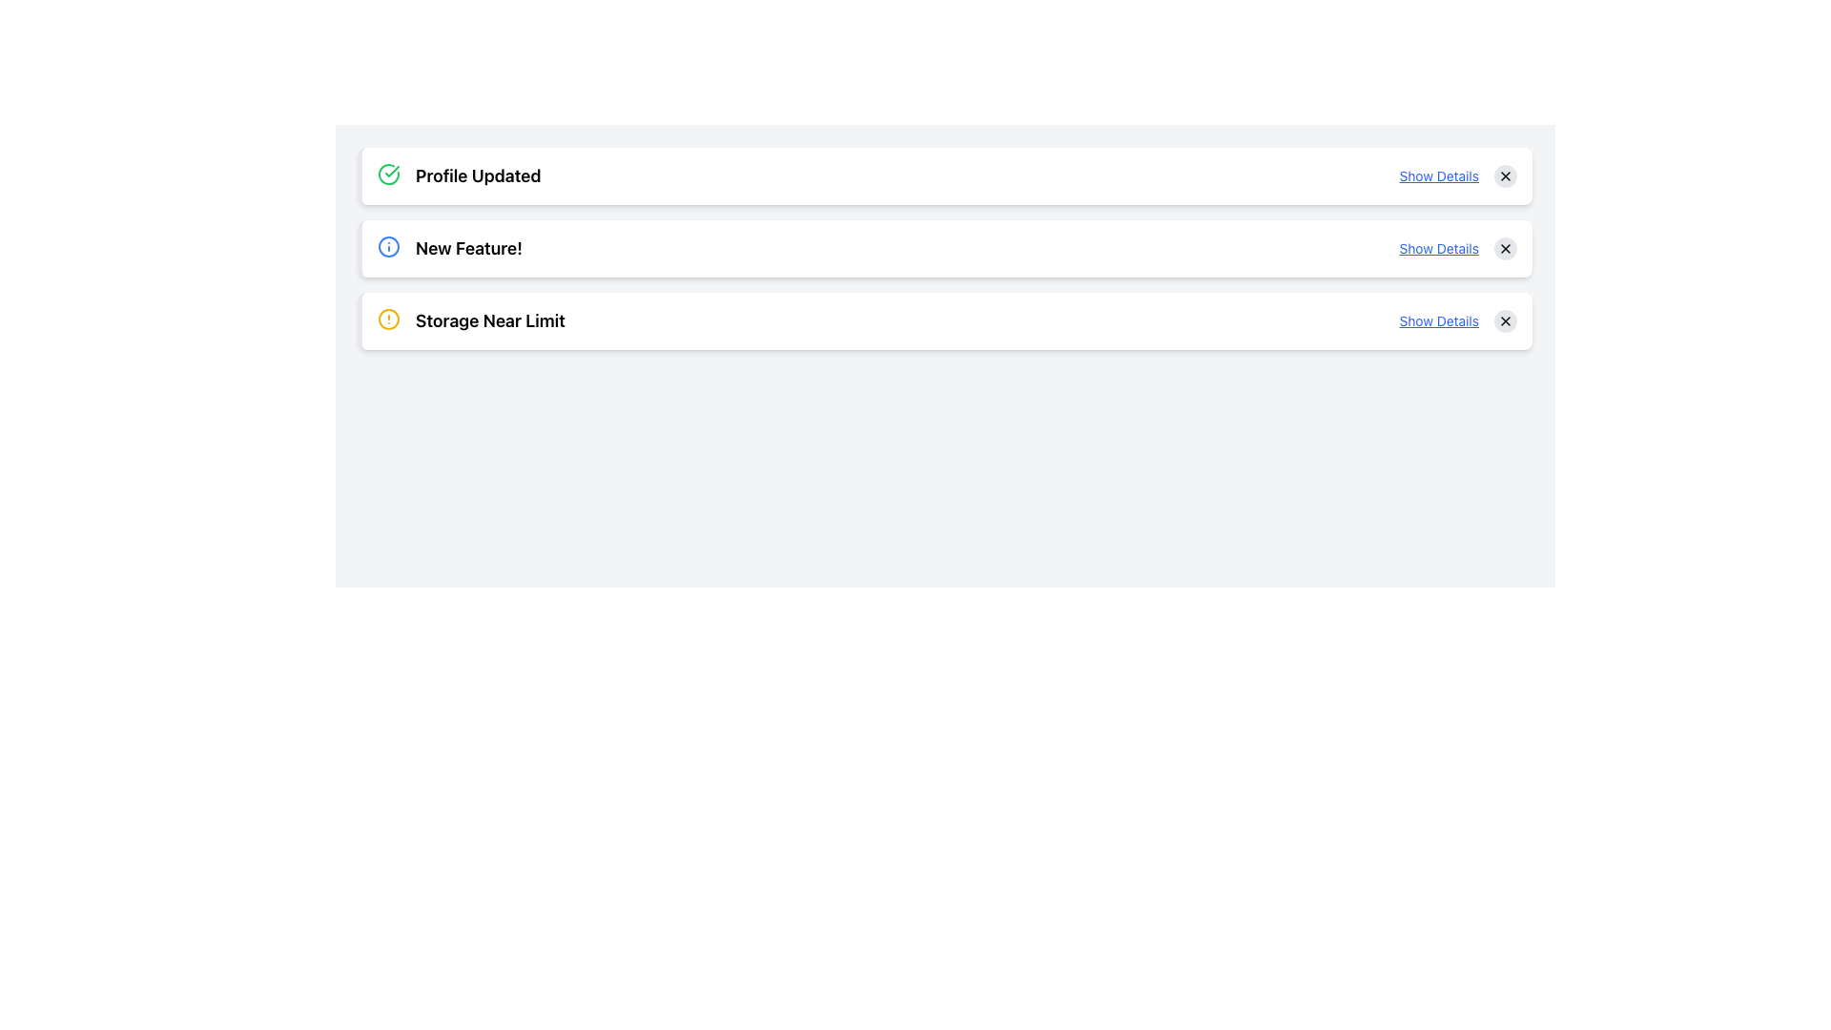  I want to click on the yellow circular outline inside the alert icon located to the left of the 'Storage Near Limit' notification card, which is the third card in a vertical stack, so click(388, 319).